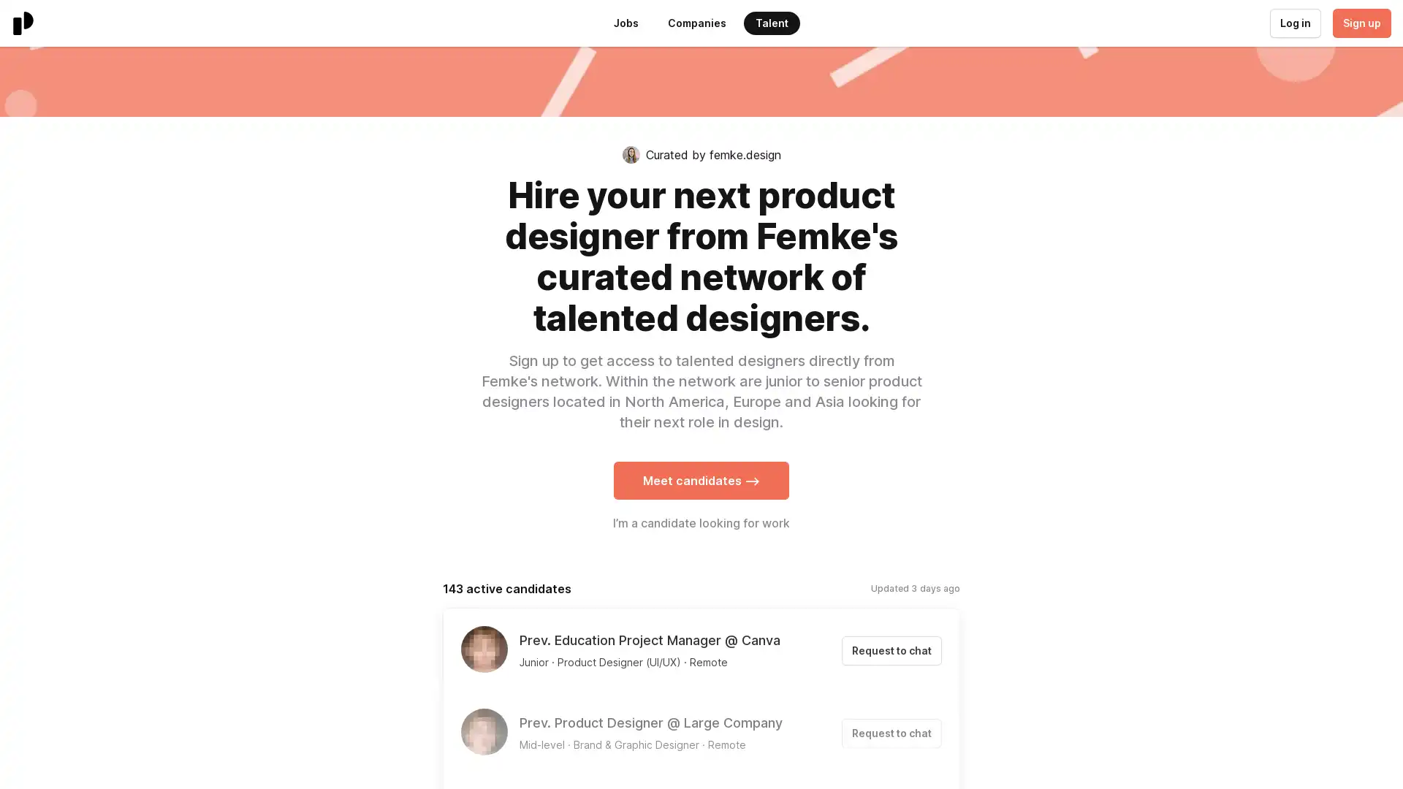  Describe the element at coordinates (1360, 23) in the screenshot. I see `Sign up` at that location.